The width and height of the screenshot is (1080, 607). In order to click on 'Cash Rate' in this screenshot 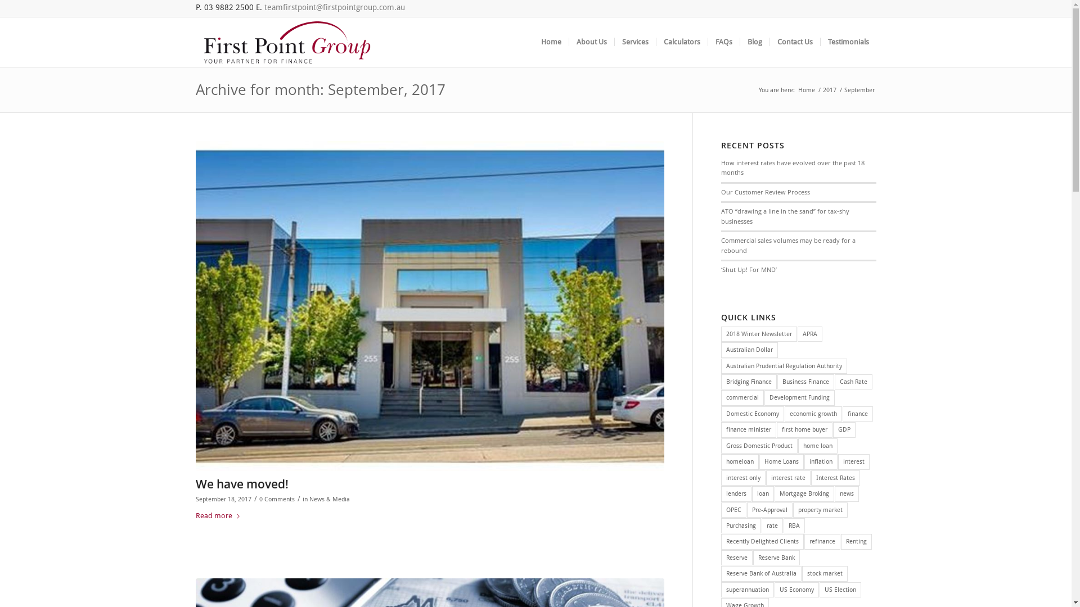, I will do `click(834, 381)`.